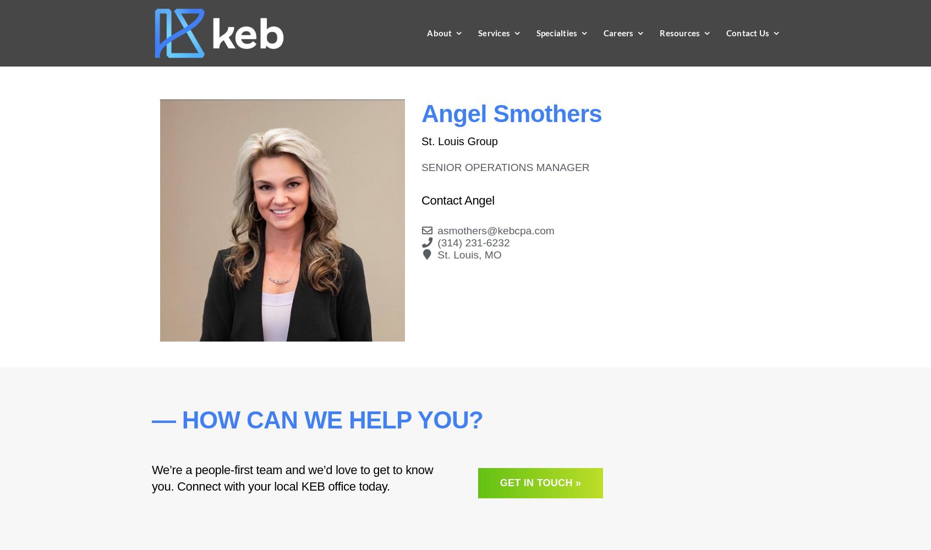  I want to click on 'Recent College Graduates', so click(664, 177).